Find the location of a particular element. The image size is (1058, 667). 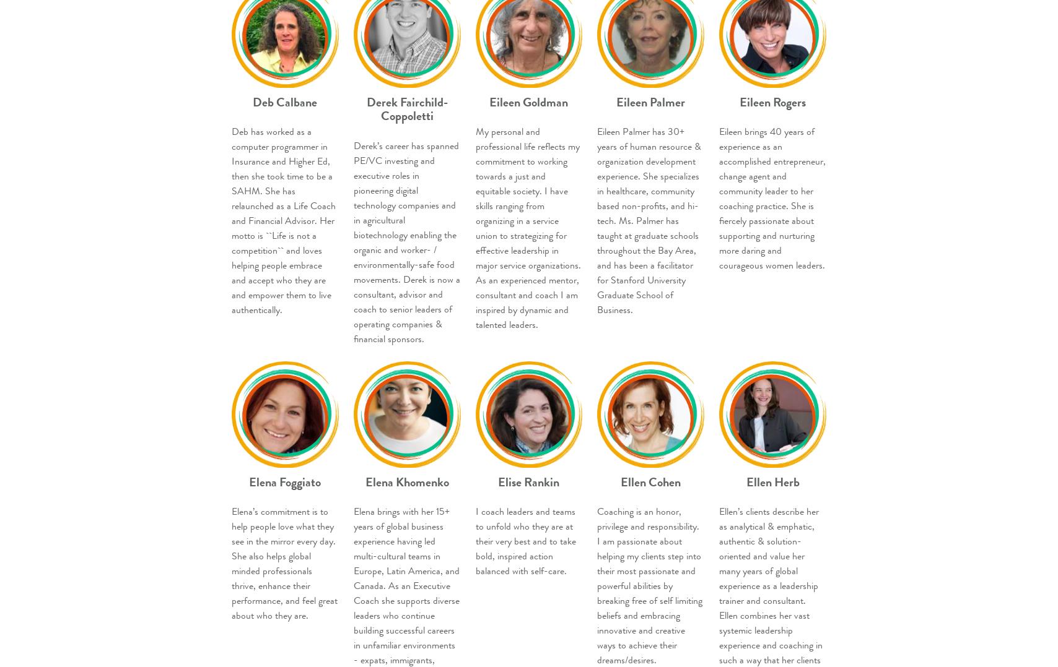

'Eileen Palmer has 30+ years of human resource & organization development experience. She specializes in healthcare, community based non-profits, and hi-tech. Ms. Palmer has taught at graduate schools throughout the Bay Area, and has been a facilitator for Stanford University Graduate School of Business.' is located at coordinates (649, 221).